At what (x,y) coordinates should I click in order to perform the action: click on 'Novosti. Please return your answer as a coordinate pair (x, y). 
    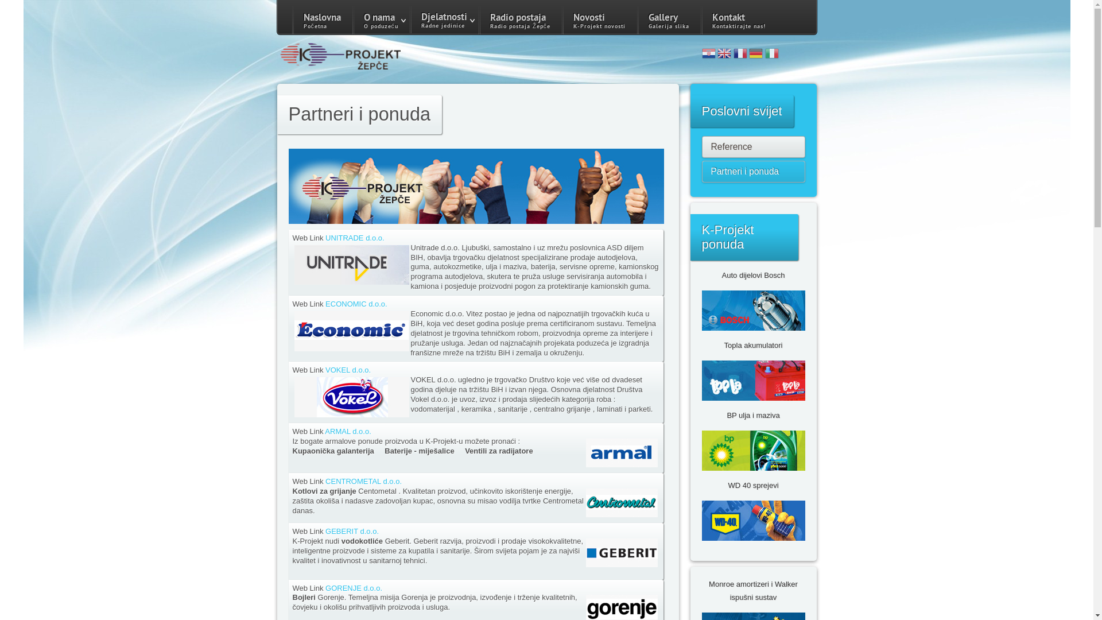
    Looking at the image, I should click on (599, 20).